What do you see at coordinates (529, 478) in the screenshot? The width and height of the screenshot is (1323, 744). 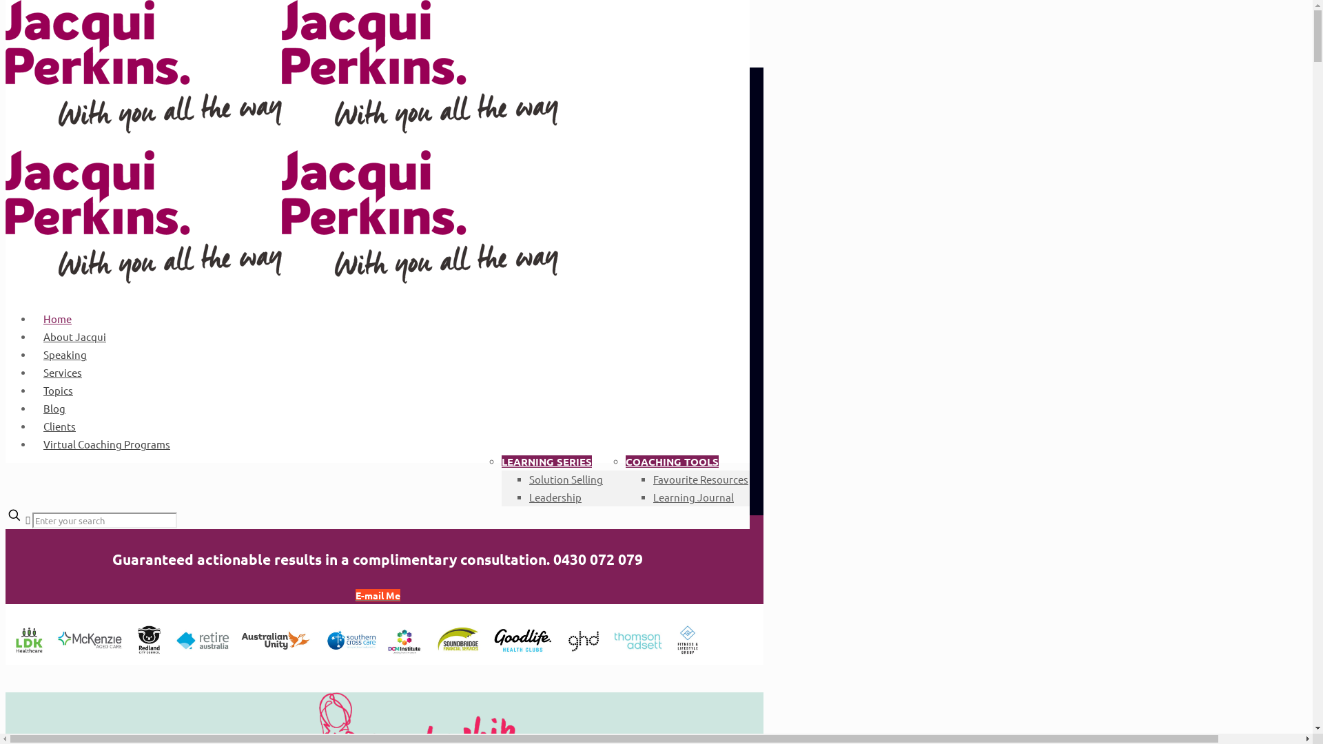 I see `'Solution Selling'` at bounding box center [529, 478].